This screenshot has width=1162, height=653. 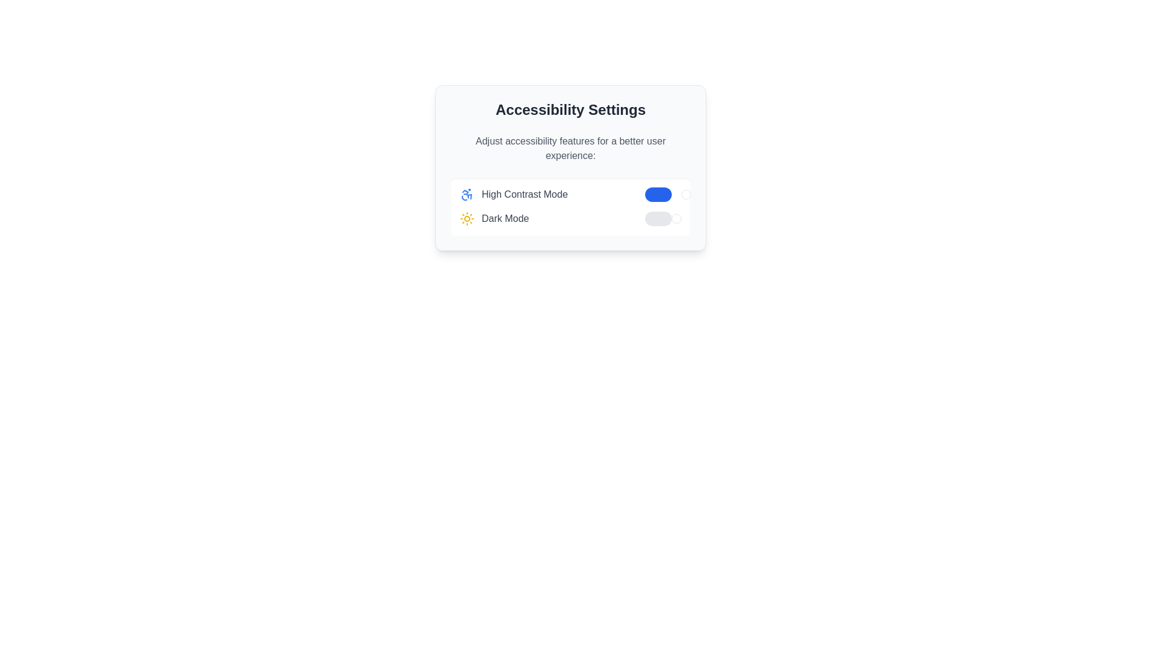 What do you see at coordinates (658, 219) in the screenshot?
I see `the background of the toggle switch for the 'Dark Mode' option in the 'Accessibility Settings' modal, which is styled as a rounded rectangle and is light grey in color` at bounding box center [658, 219].